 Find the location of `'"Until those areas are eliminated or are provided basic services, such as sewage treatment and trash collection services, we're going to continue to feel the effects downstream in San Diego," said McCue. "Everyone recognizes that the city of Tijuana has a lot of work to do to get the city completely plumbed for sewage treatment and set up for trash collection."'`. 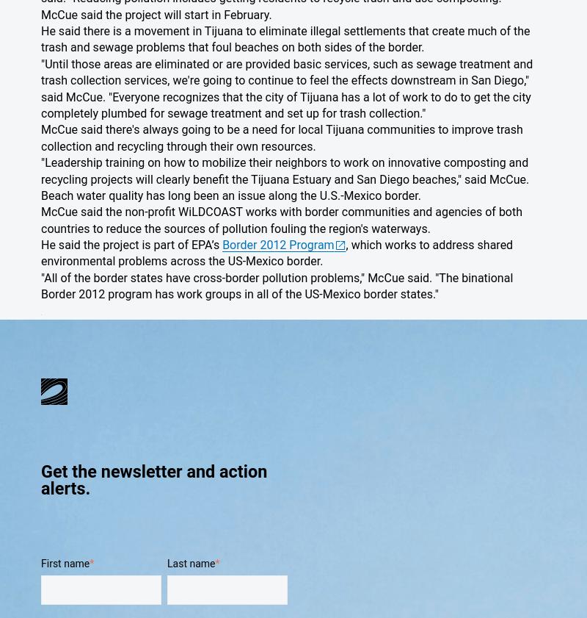

'"Until those areas are eliminated or are provided basic services, such as sewage treatment and trash collection services, we're going to continue to feel the effects downstream in San Diego," said McCue. "Everyone recognizes that the city of Tijuana has a lot of work to do to get the city completely plumbed for sewage treatment and set up for trash collection."' is located at coordinates (40, 87).